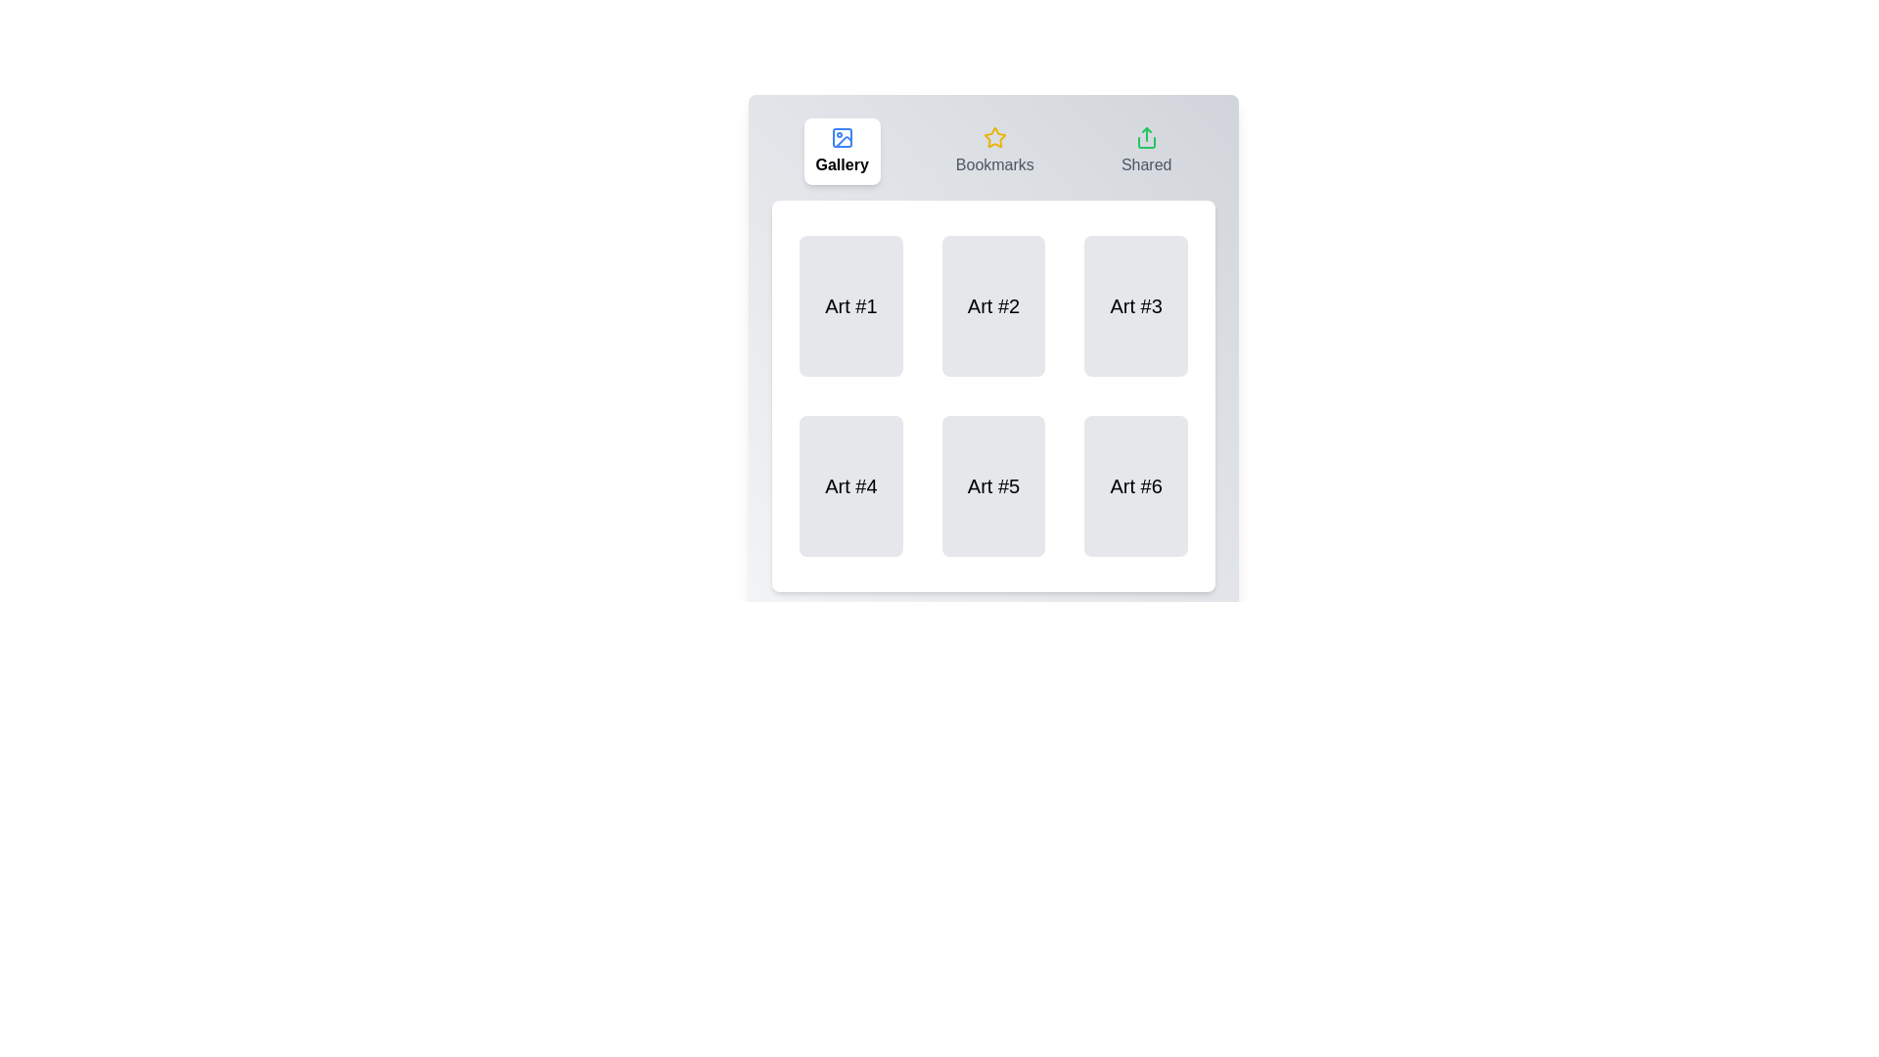 The image size is (1879, 1057). I want to click on the Bookmarks tab label to interact, so click(994, 150).